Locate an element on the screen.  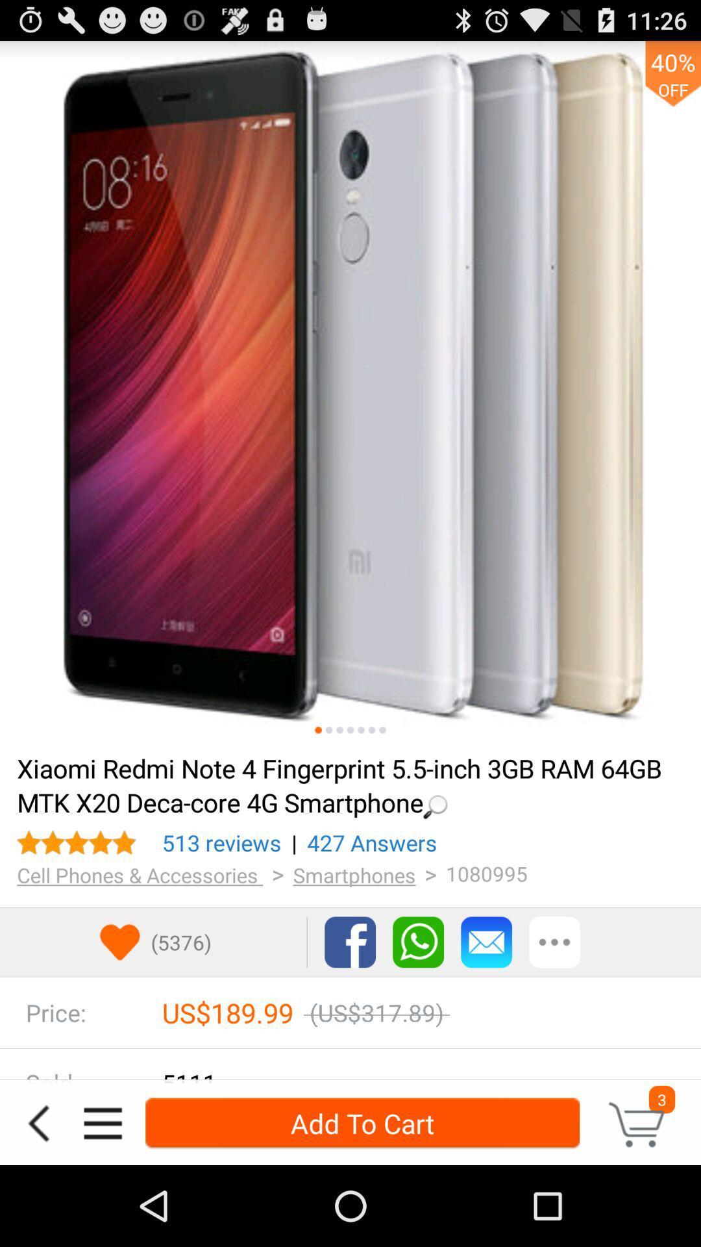
slide to next image is located at coordinates (328, 730).